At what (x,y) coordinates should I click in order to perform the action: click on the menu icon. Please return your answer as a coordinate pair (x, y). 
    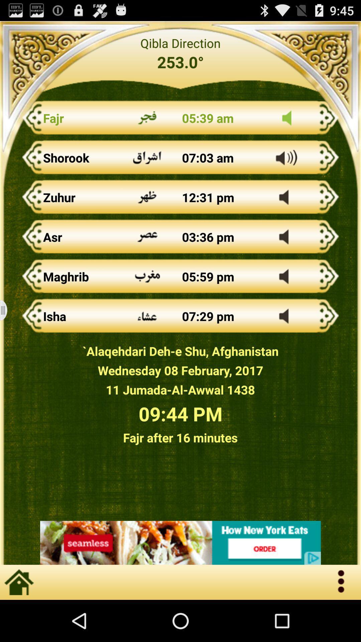
    Looking at the image, I should click on (8, 332).